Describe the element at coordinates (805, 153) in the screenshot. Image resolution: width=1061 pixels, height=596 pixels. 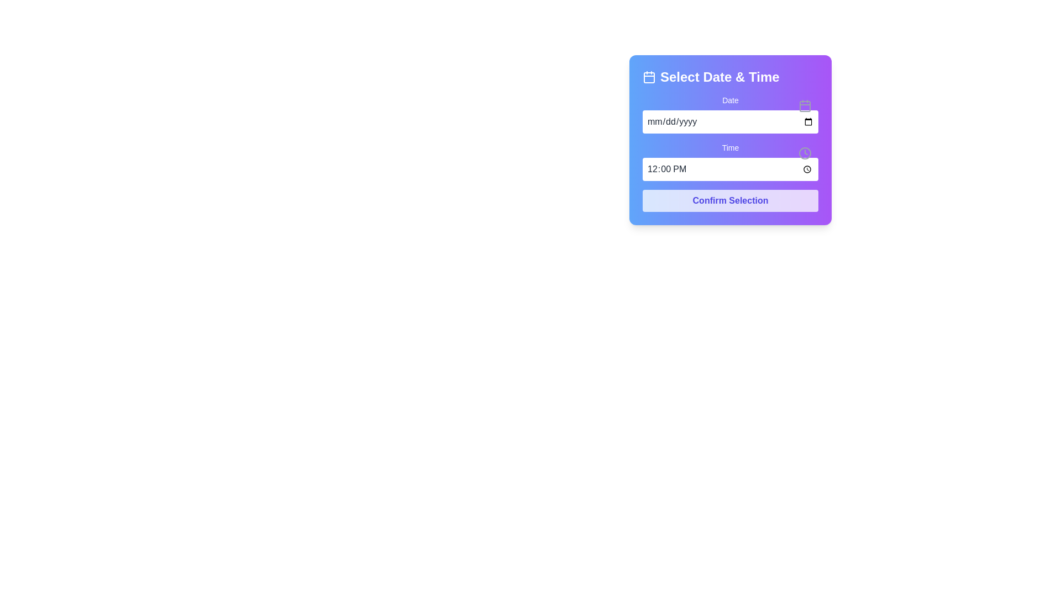
I see `the clock icon, which is an outline-style icon located at the right edge of the 'Time' input field, aligned vertically with the input's center` at that location.